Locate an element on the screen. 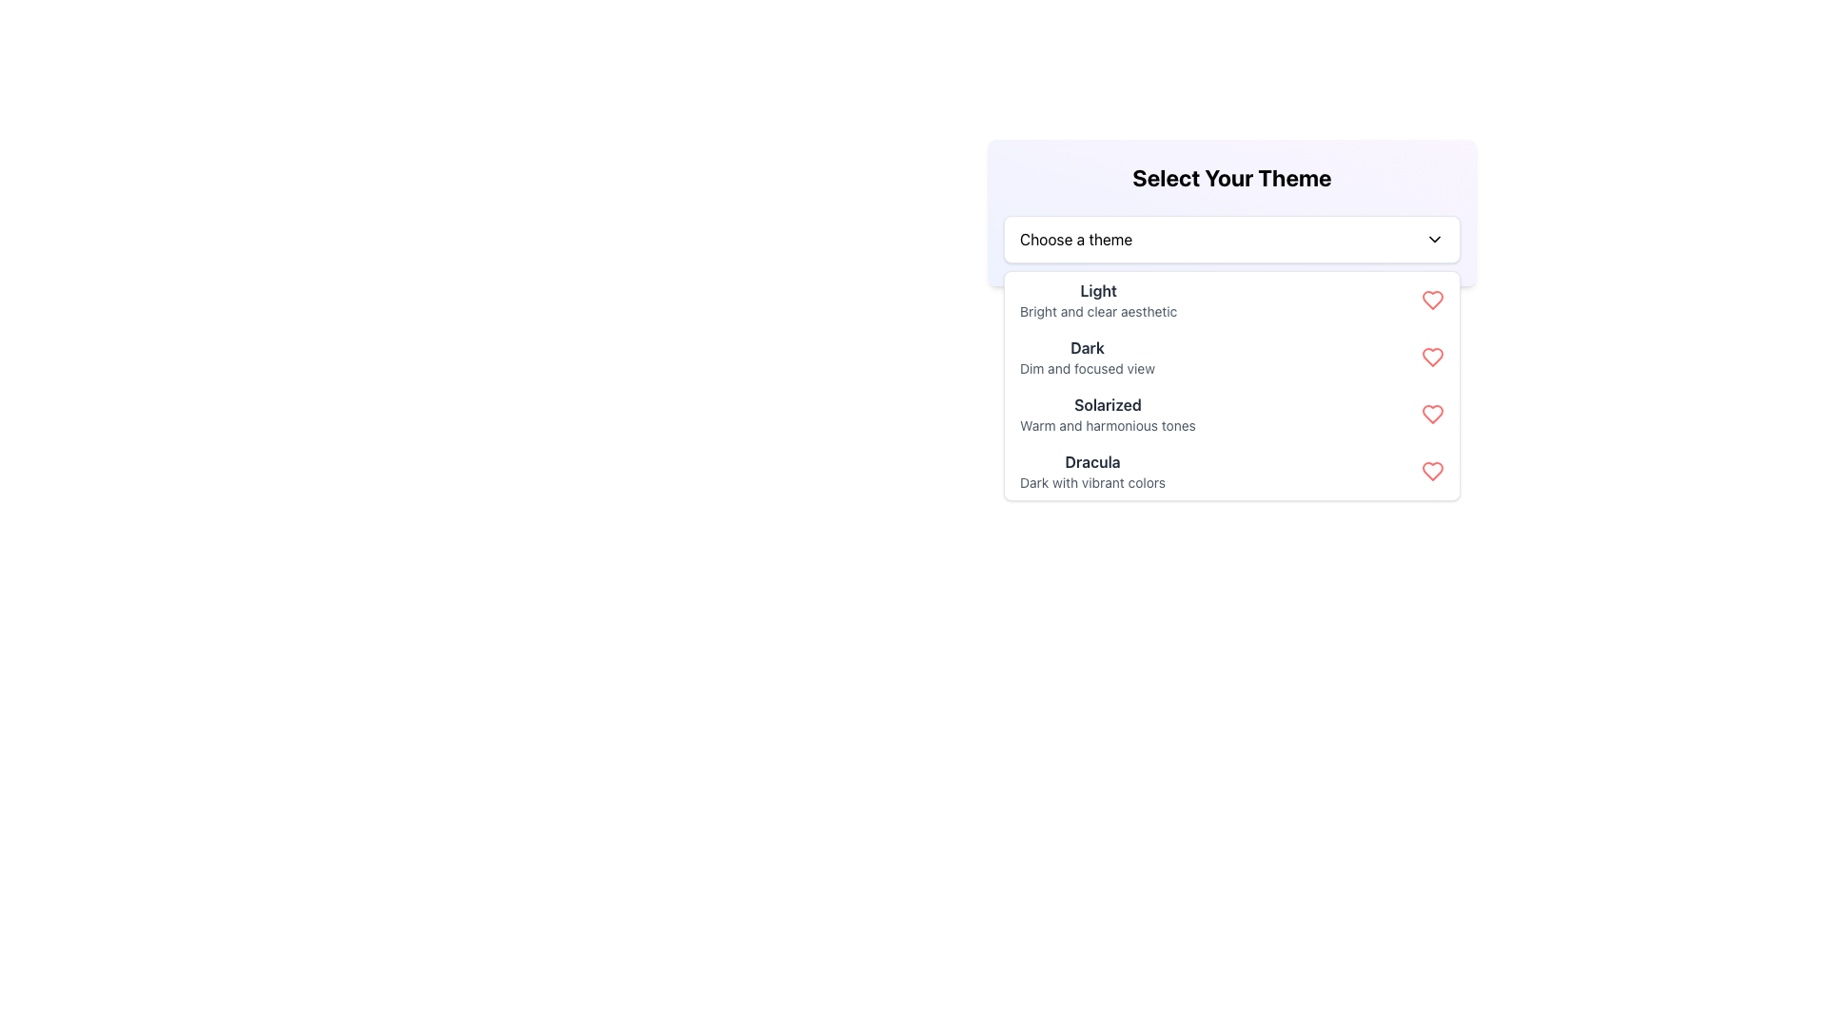 The height and width of the screenshot is (1027, 1827). the heart-shaped outline icon in the top right of the 'Light: Bright and clear aesthetic' option in the dropdown menu to mark it as favorite is located at coordinates (1433, 300).